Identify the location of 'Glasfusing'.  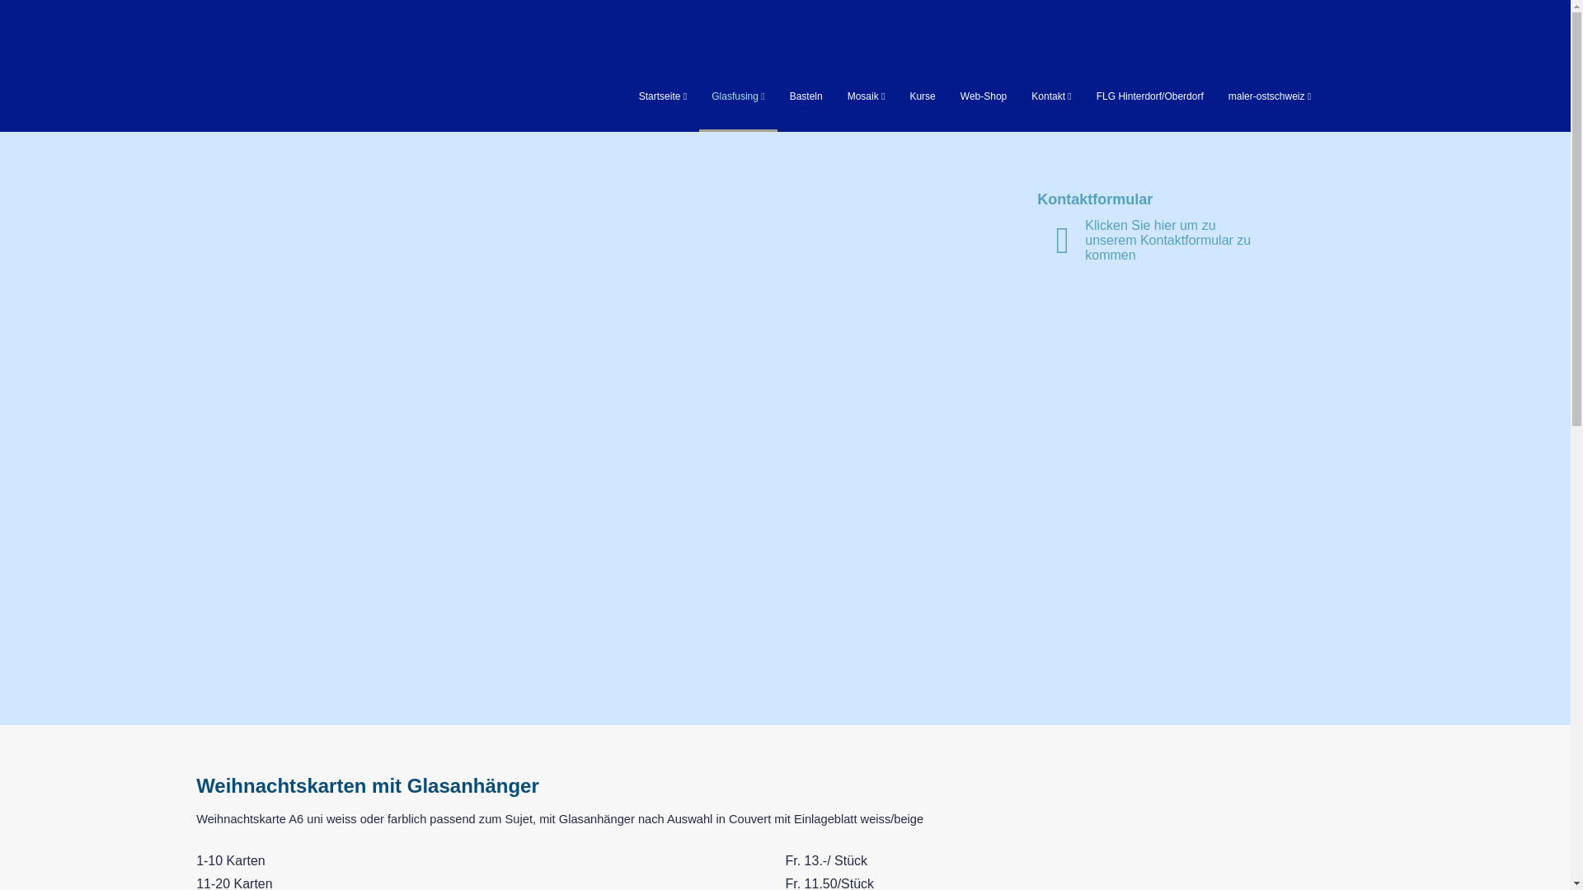
(736, 96).